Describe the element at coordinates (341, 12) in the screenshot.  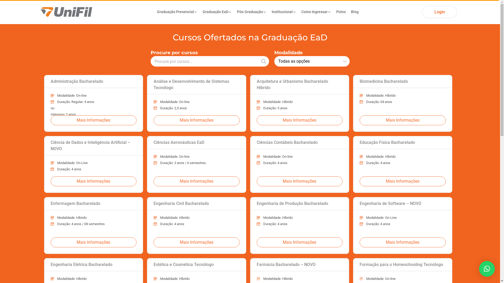
I see `'Polos'` at that location.